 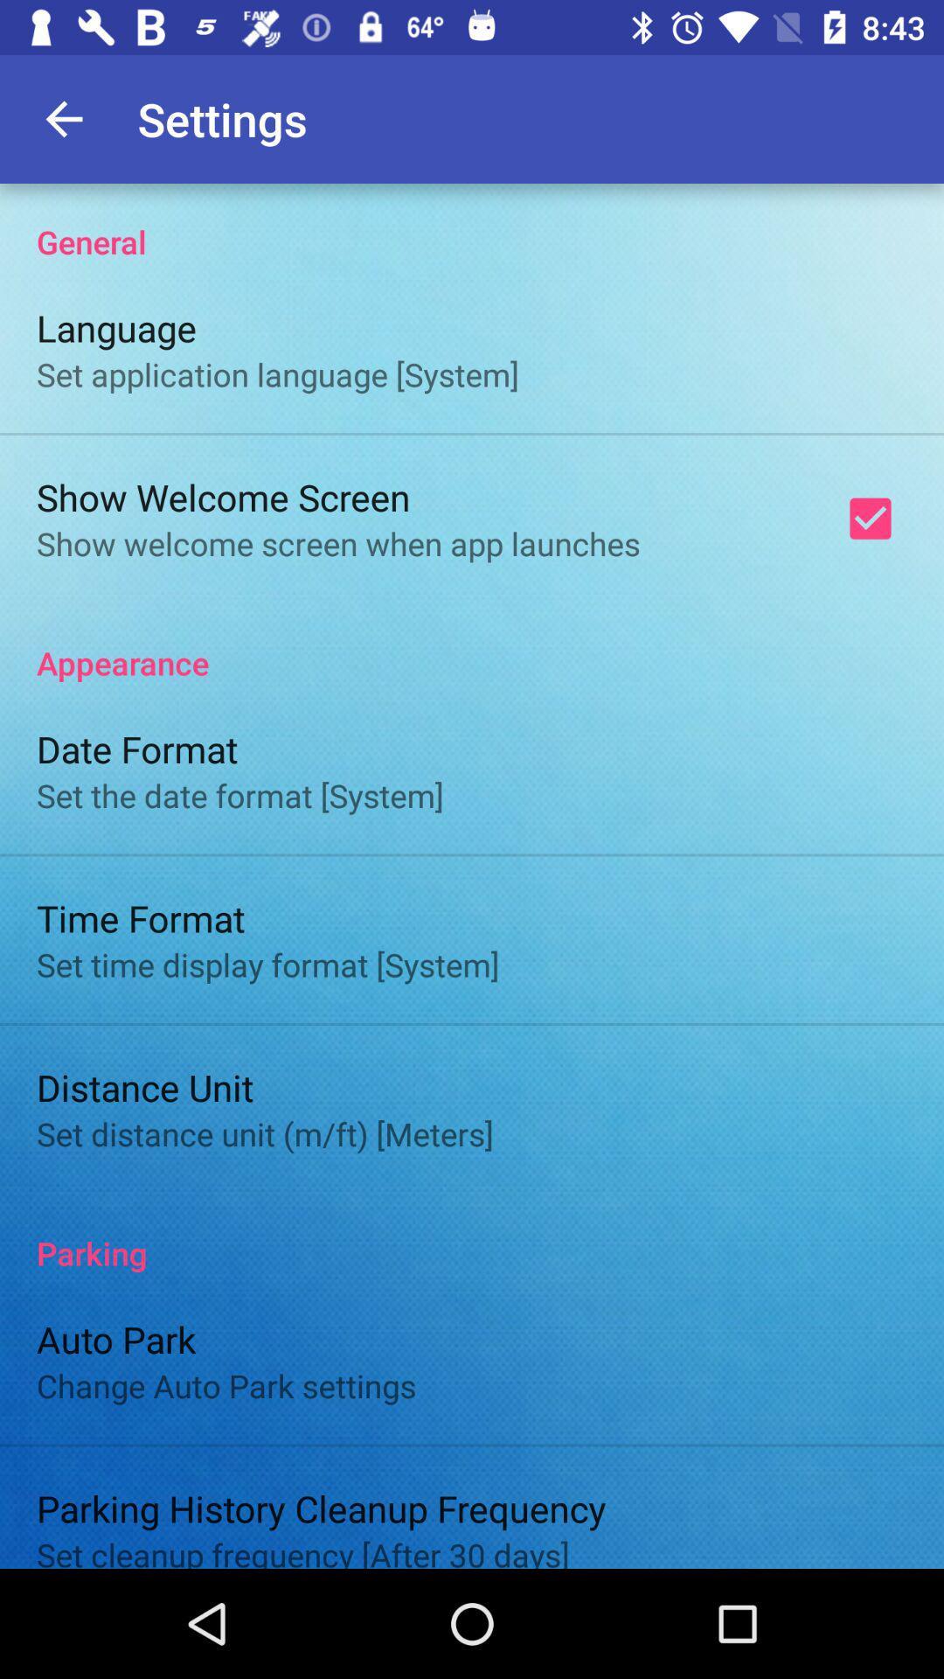 I want to click on icon below language item, so click(x=276, y=373).